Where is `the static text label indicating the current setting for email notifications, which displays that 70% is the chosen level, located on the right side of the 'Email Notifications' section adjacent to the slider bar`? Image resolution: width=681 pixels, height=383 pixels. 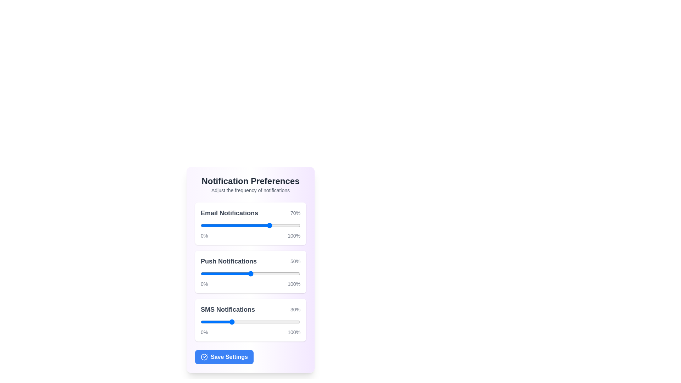 the static text label indicating the current setting for email notifications, which displays that 70% is the chosen level, located on the right side of the 'Email Notifications' section adjacent to the slider bar is located at coordinates (295, 213).